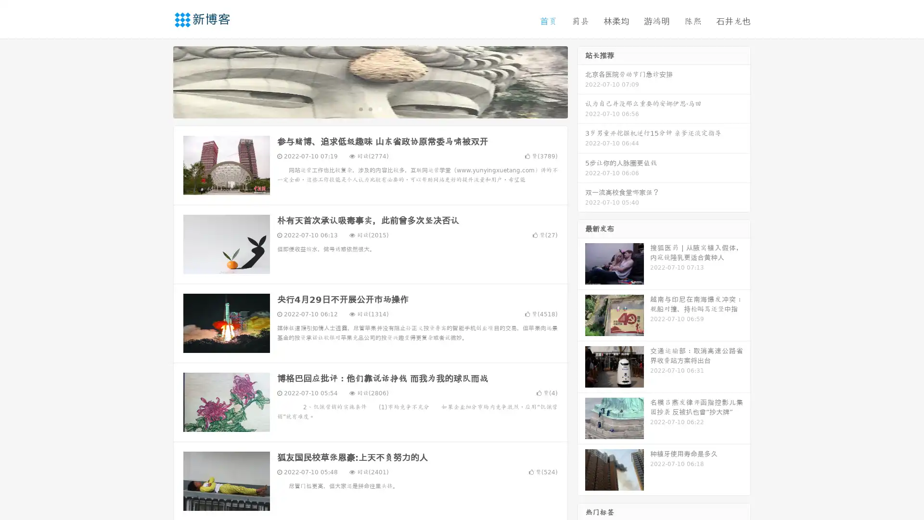 This screenshot has height=520, width=924. What do you see at coordinates (360, 108) in the screenshot?
I see `Go to slide 1` at bounding box center [360, 108].